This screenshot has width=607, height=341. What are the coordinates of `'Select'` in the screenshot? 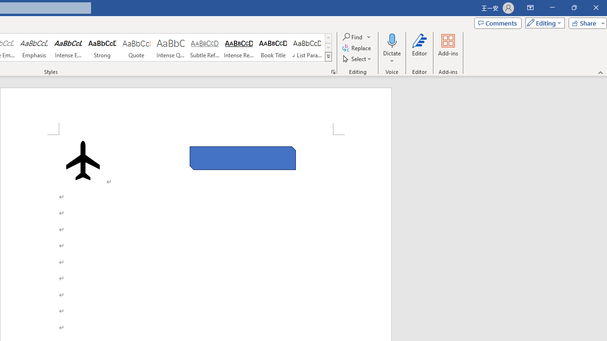 It's located at (357, 59).